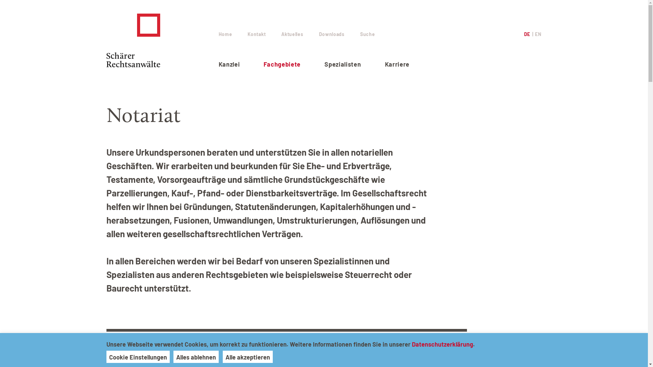 The height and width of the screenshot is (367, 653). What do you see at coordinates (342, 64) in the screenshot?
I see `'Spezialisten'` at bounding box center [342, 64].